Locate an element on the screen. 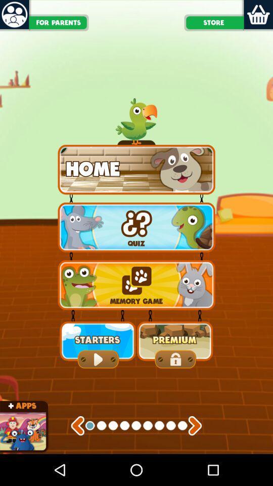 The height and width of the screenshot is (486, 273). the arrow_backward icon is located at coordinates (77, 455).